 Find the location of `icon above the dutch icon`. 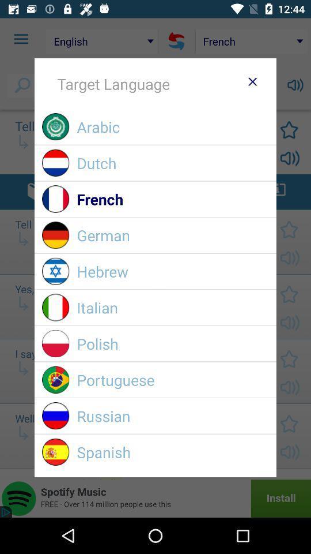

icon above the dutch icon is located at coordinates (172, 126).